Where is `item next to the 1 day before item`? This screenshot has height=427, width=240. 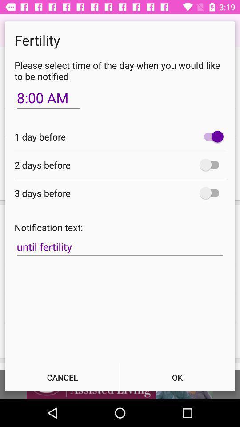
item next to the 1 day before item is located at coordinates (211, 137).